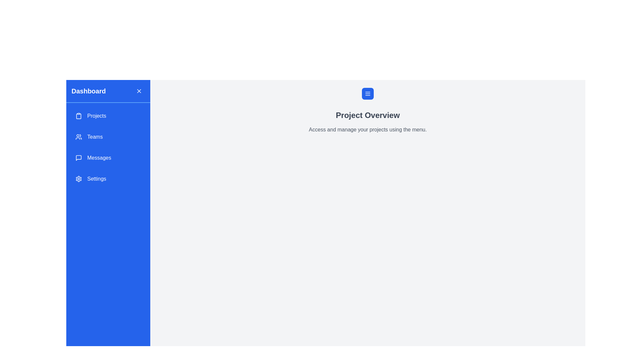  I want to click on the 'Projects' icon in the left sidebar menu, so click(79, 116).